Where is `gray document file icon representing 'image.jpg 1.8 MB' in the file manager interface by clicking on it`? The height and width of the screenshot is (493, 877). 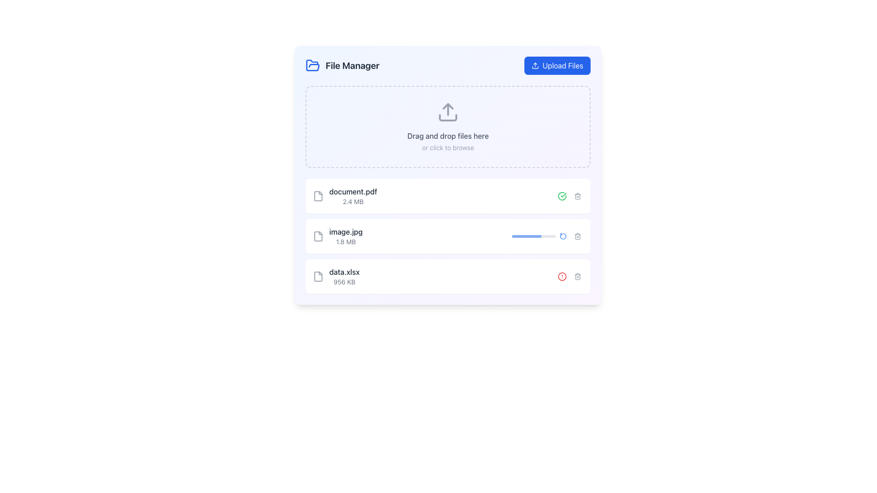
gray document file icon representing 'image.jpg 1.8 MB' in the file manager interface by clicking on it is located at coordinates (318, 236).